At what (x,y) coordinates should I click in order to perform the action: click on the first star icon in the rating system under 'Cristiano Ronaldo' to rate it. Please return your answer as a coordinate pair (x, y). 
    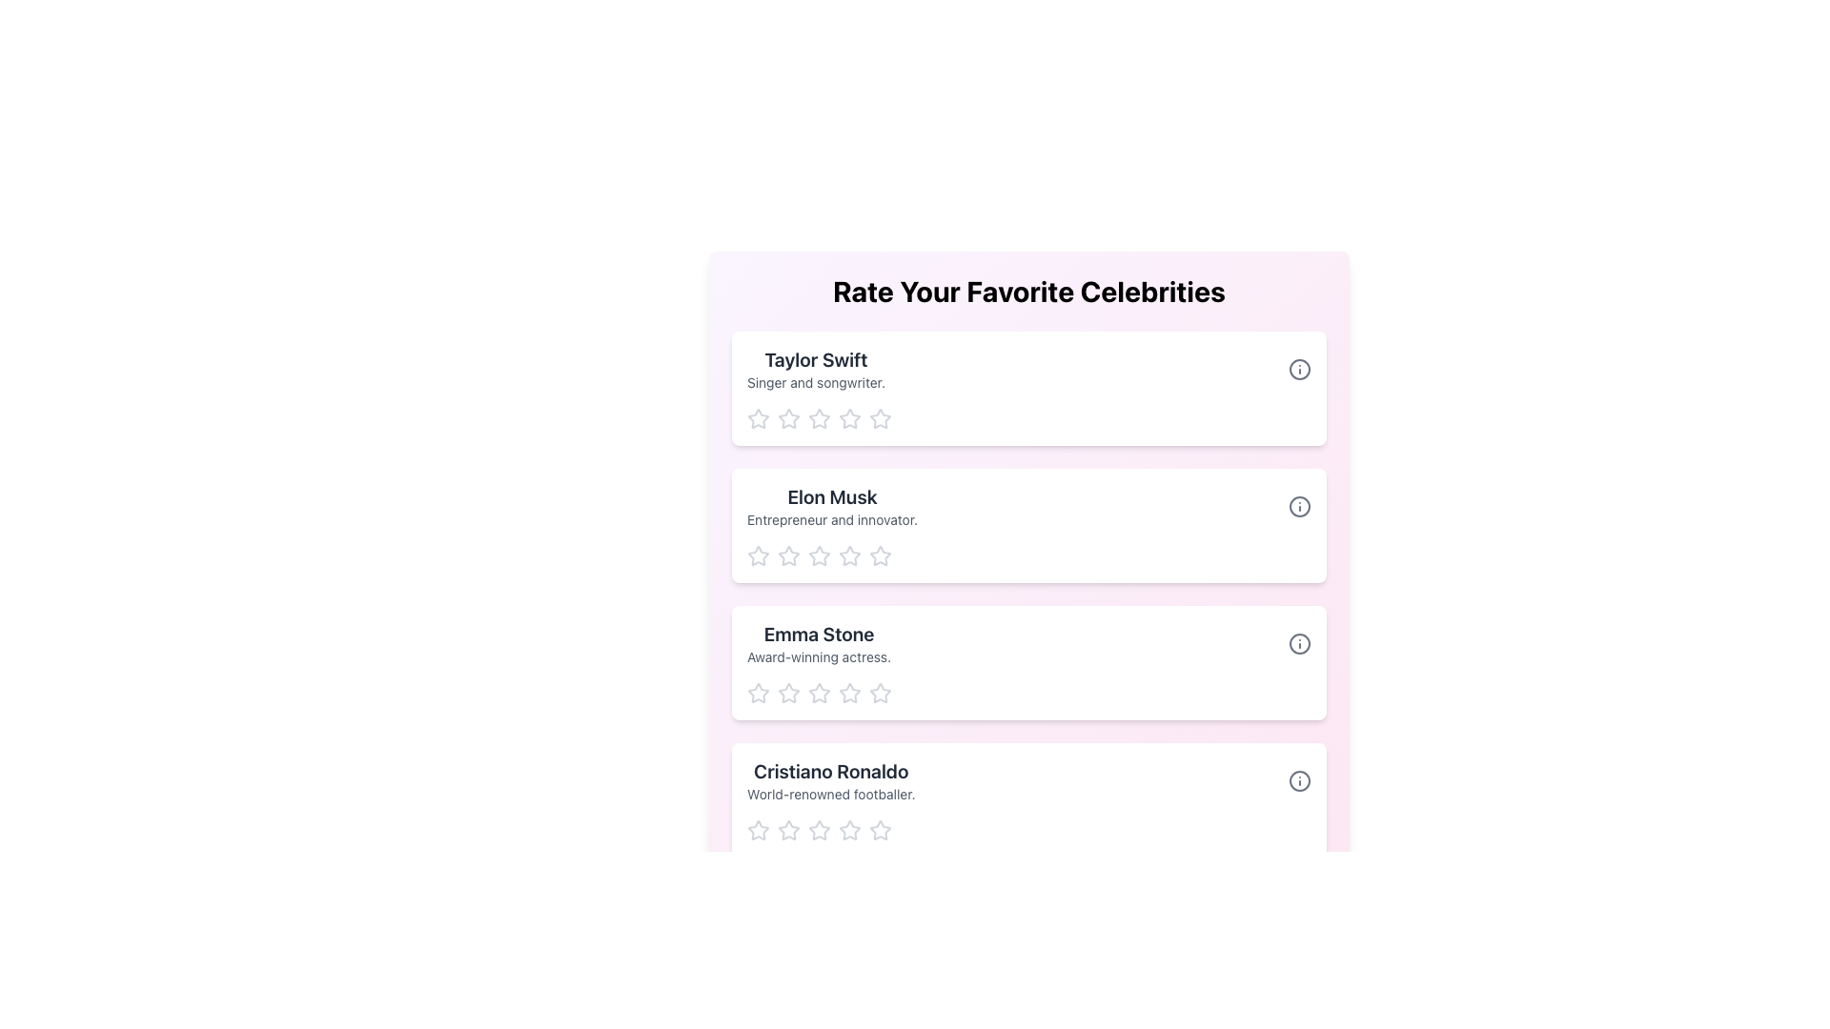
    Looking at the image, I should click on (789, 829).